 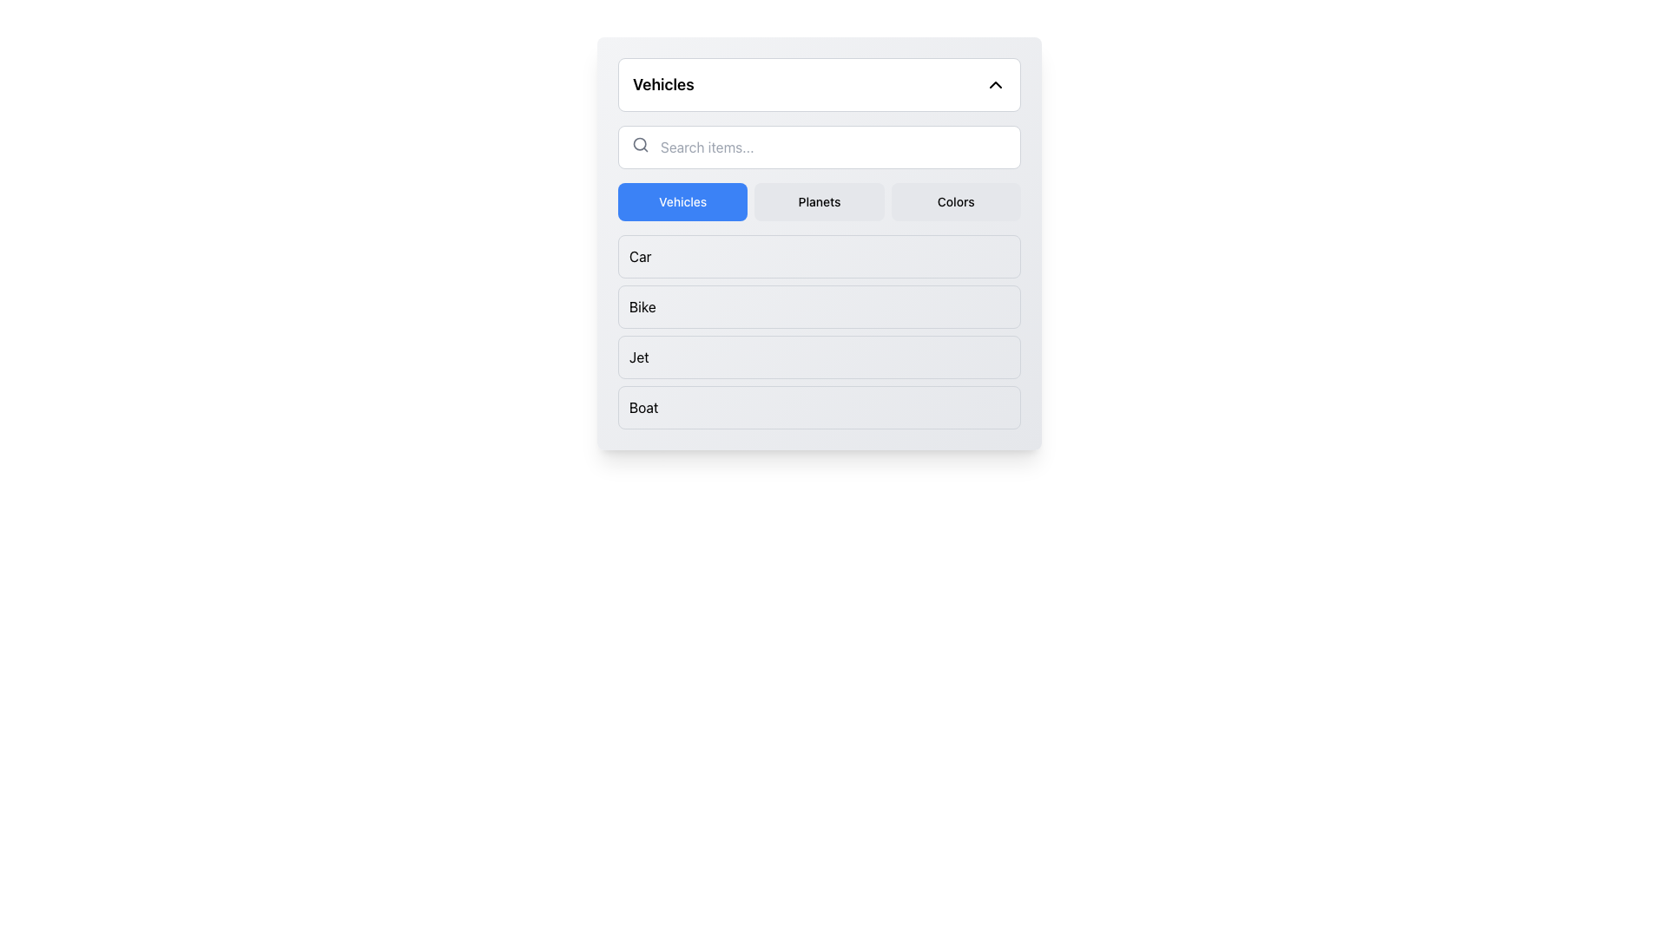 What do you see at coordinates (819, 357) in the screenshot?
I see `the selectable list item 'Jet' located in the third position of the vertical list under 'Vehicles'` at bounding box center [819, 357].